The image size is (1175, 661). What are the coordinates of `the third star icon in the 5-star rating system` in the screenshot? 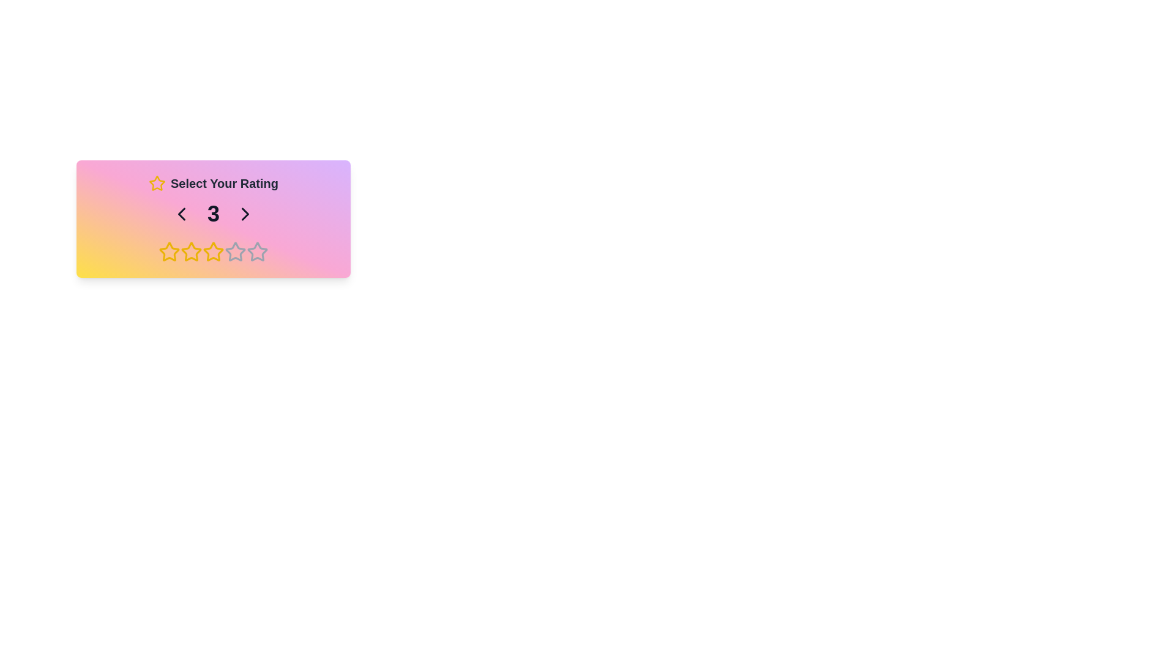 It's located at (190, 252).